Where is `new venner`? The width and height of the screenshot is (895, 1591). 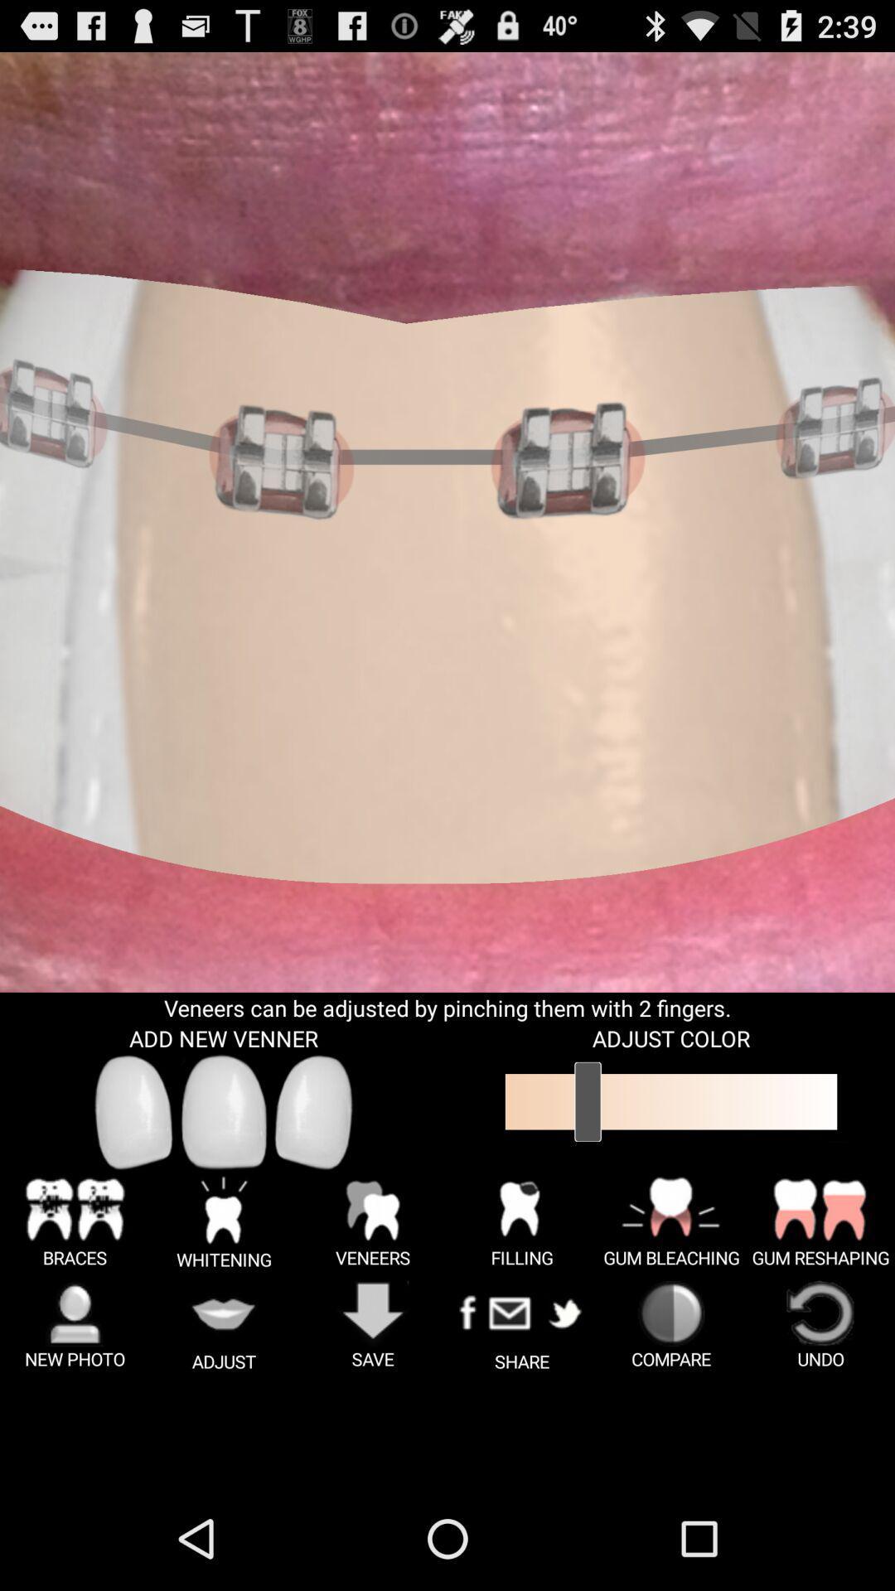 new venner is located at coordinates (224, 1111).